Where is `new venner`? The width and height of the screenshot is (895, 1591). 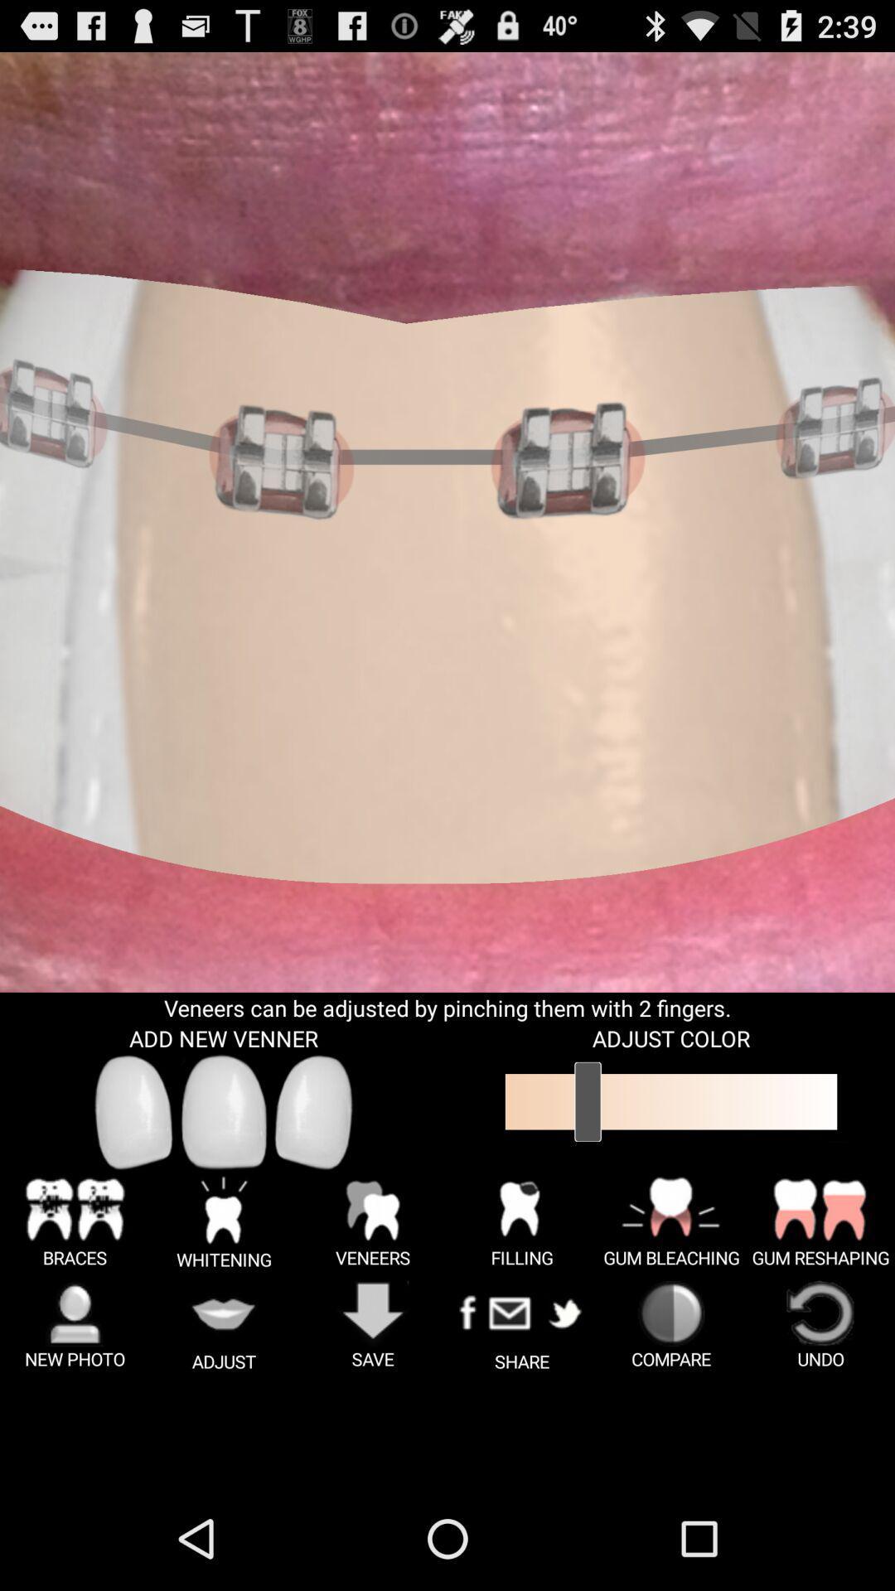 new venner is located at coordinates (224, 1111).